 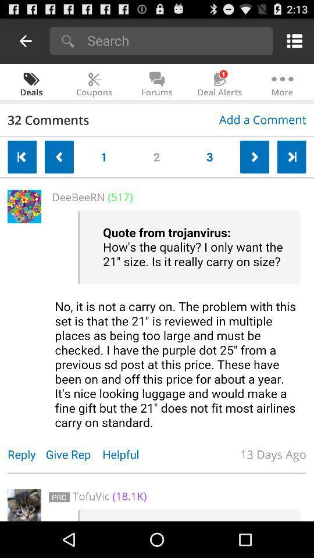 What do you see at coordinates (22, 156) in the screenshot?
I see `go back` at bounding box center [22, 156].